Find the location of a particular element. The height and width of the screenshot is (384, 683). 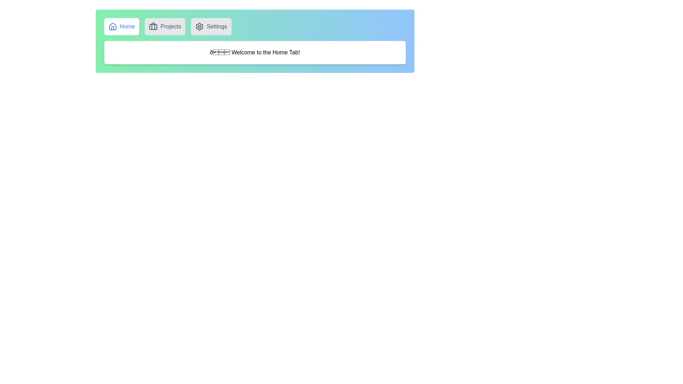

the Projects tab by clicking on its corresponding button is located at coordinates (165, 26).